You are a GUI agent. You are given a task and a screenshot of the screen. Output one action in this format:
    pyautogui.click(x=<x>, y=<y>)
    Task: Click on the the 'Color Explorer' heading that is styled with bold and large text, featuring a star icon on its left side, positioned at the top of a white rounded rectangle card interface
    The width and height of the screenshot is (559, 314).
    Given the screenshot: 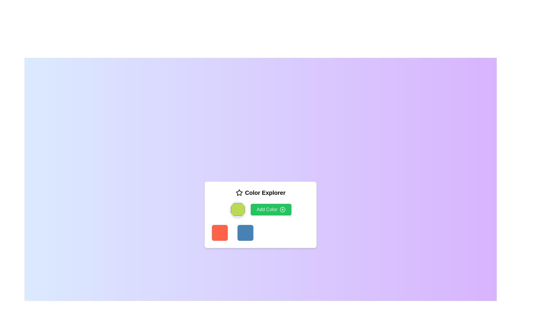 What is the action you would take?
    pyautogui.click(x=260, y=193)
    